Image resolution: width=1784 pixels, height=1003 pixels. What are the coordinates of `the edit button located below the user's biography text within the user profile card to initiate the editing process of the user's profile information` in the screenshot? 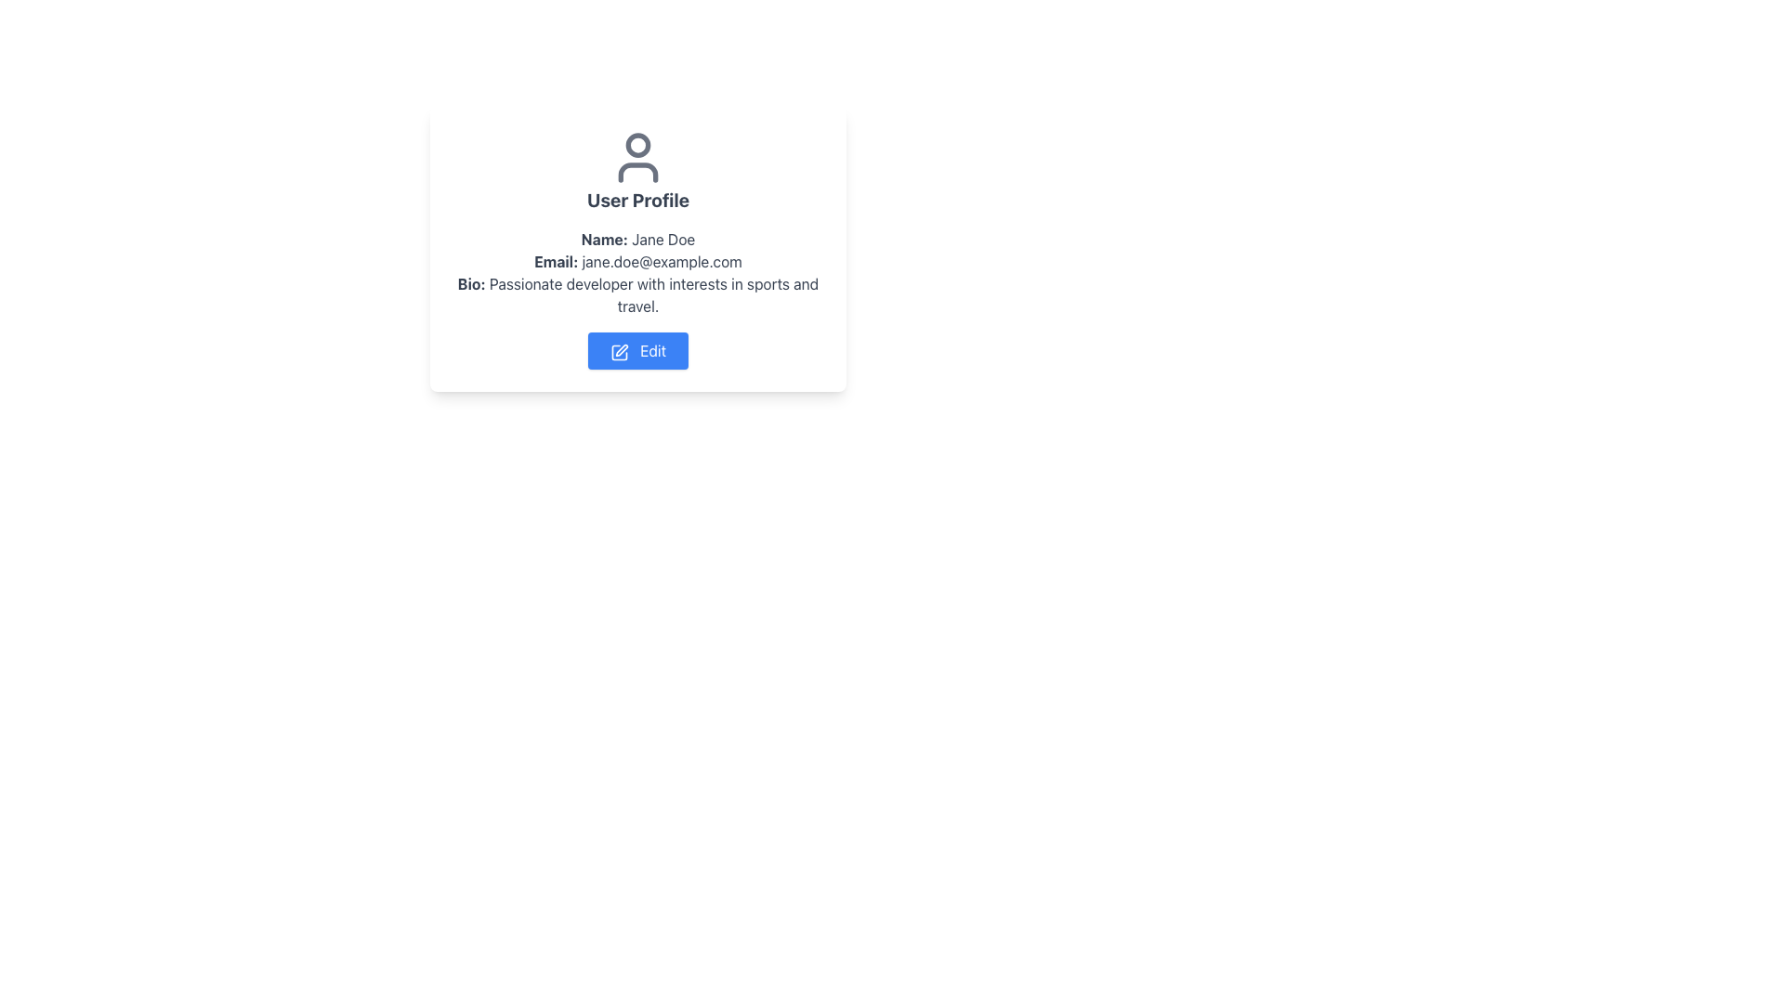 It's located at (637, 351).